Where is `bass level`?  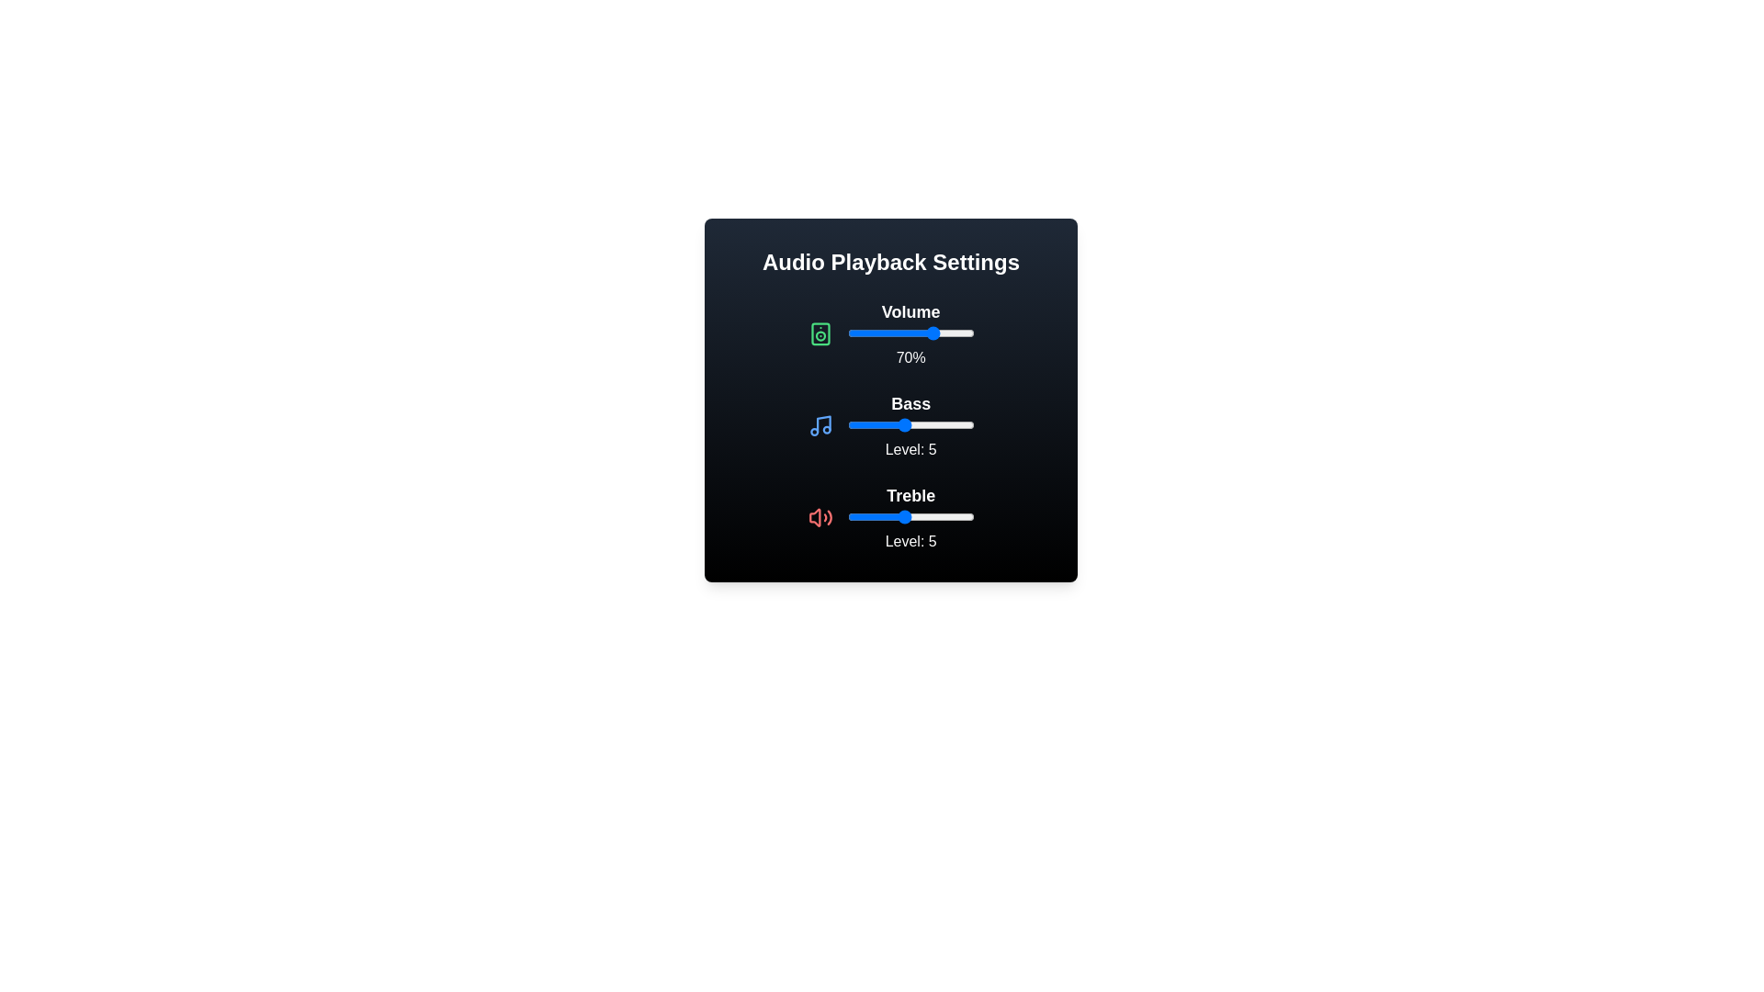
bass level is located at coordinates (945, 424).